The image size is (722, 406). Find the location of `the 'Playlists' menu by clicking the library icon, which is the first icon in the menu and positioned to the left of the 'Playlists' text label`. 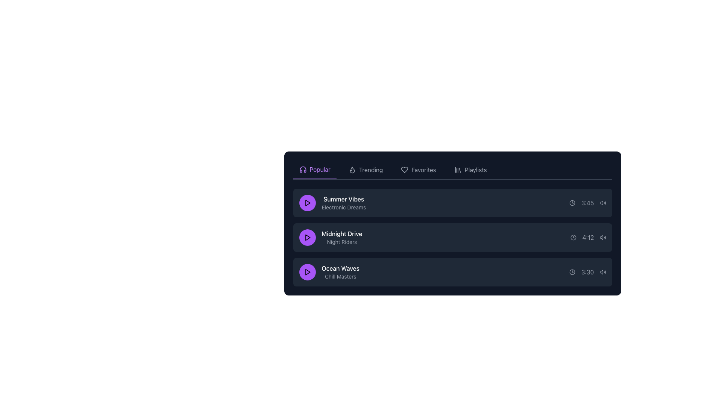

the 'Playlists' menu by clicking the library icon, which is the first icon in the menu and positioned to the left of the 'Playlists' text label is located at coordinates (457, 170).